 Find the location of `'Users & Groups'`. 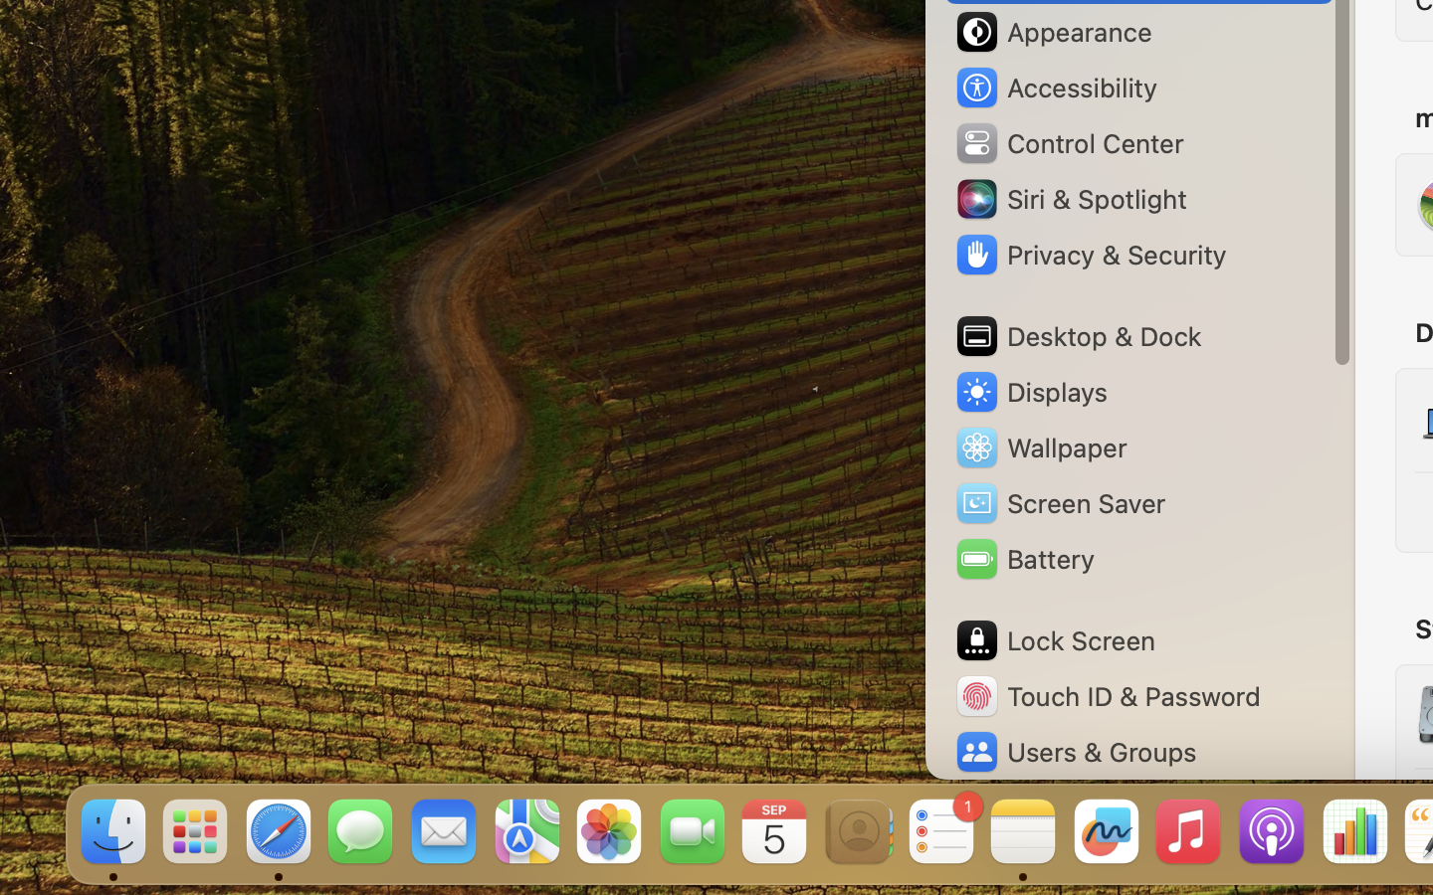

'Users & Groups' is located at coordinates (1075, 751).